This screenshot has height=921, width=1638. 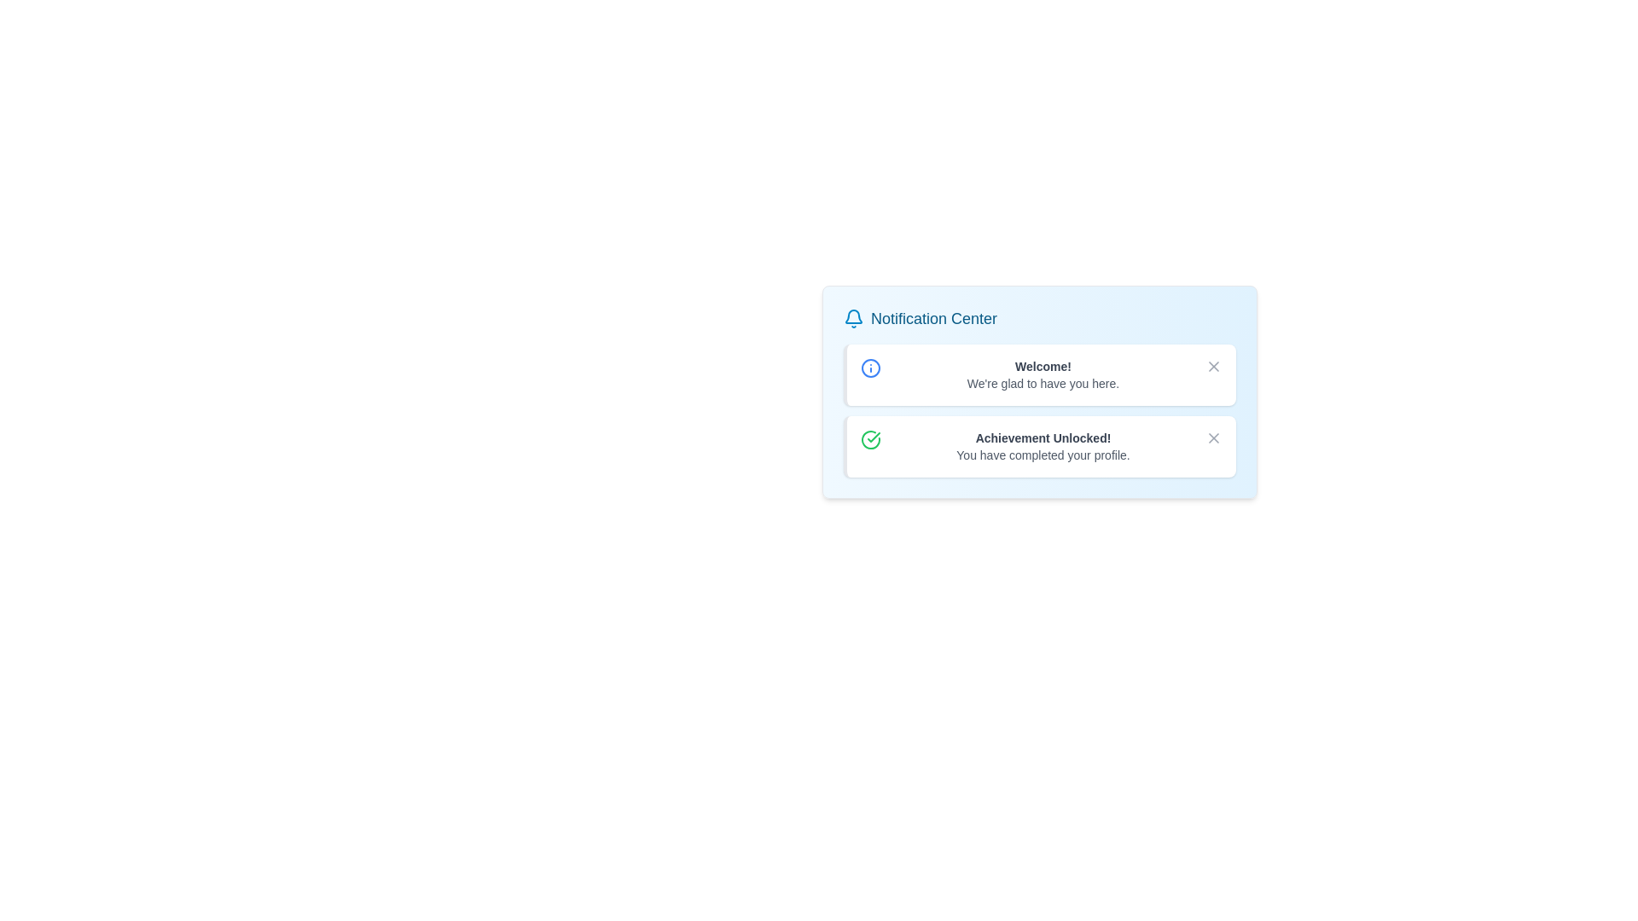 I want to click on static text label displaying 'Achievement Unlocked!' located within the light blue notification card in the Notification Center interface, so click(x=1043, y=437).